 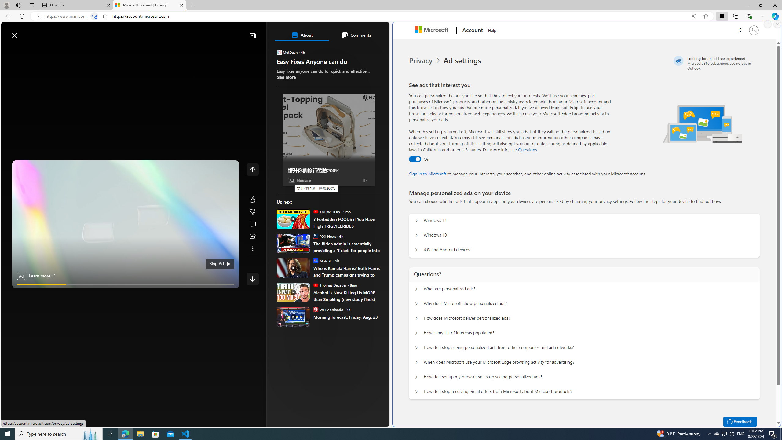 I want to click on 'Questions? What are personalized ads?', so click(x=416, y=289).